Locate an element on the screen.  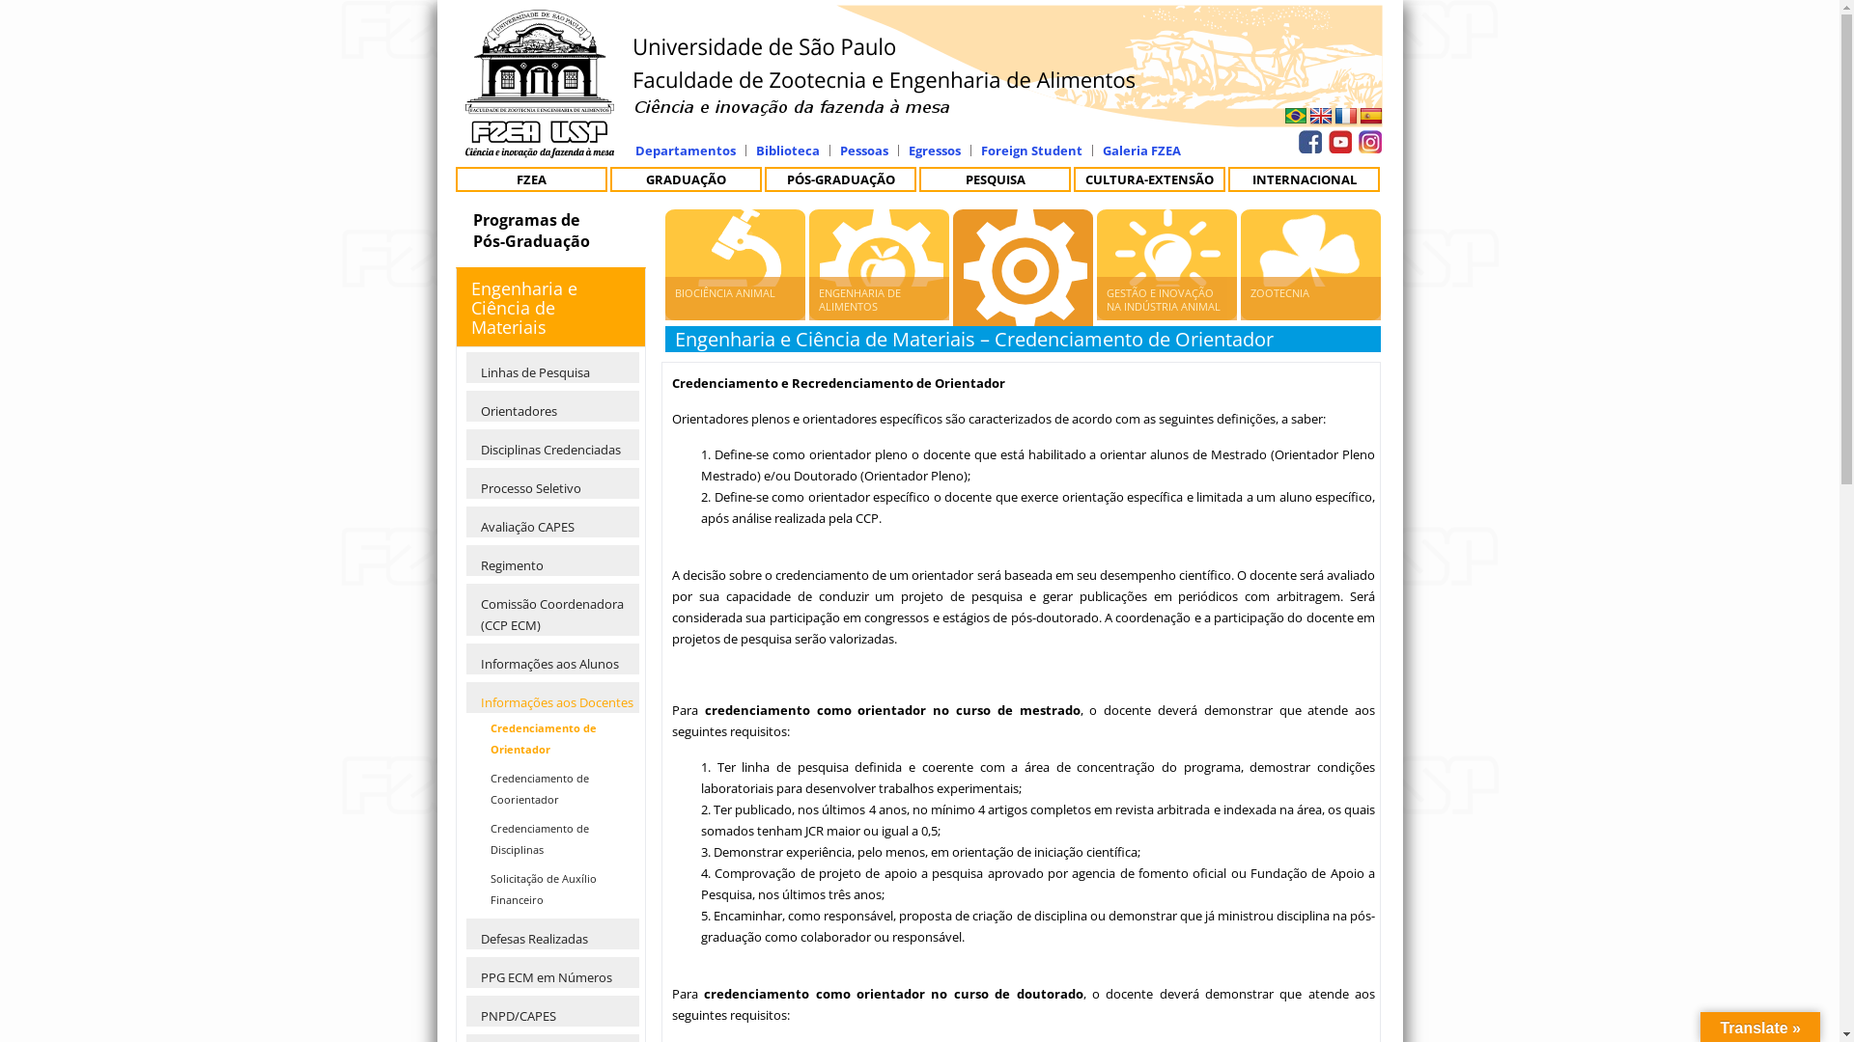
'Credenciamento de Coorientador' is located at coordinates (555, 788).